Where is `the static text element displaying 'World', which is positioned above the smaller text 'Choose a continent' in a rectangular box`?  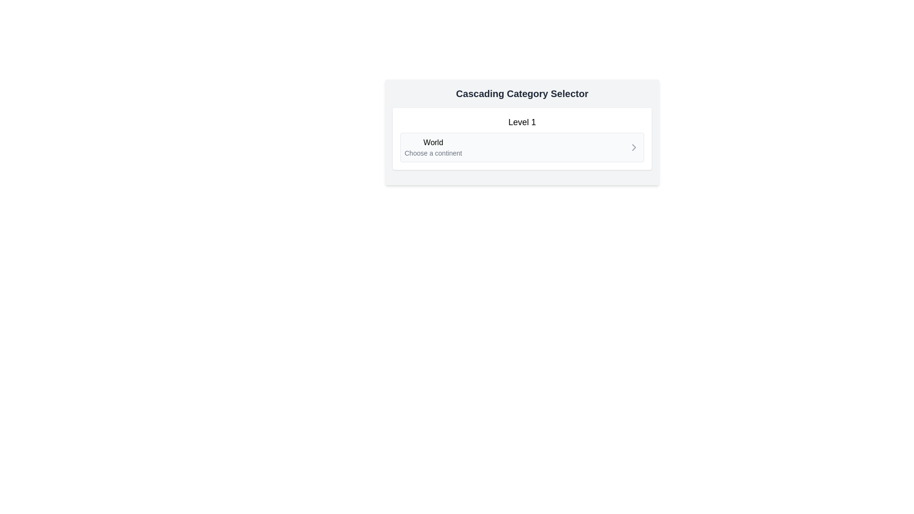
the static text element displaying 'World', which is positioned above the smaller text 'Choose a continent' in a rectangular box is located at coordinates (433, 143).